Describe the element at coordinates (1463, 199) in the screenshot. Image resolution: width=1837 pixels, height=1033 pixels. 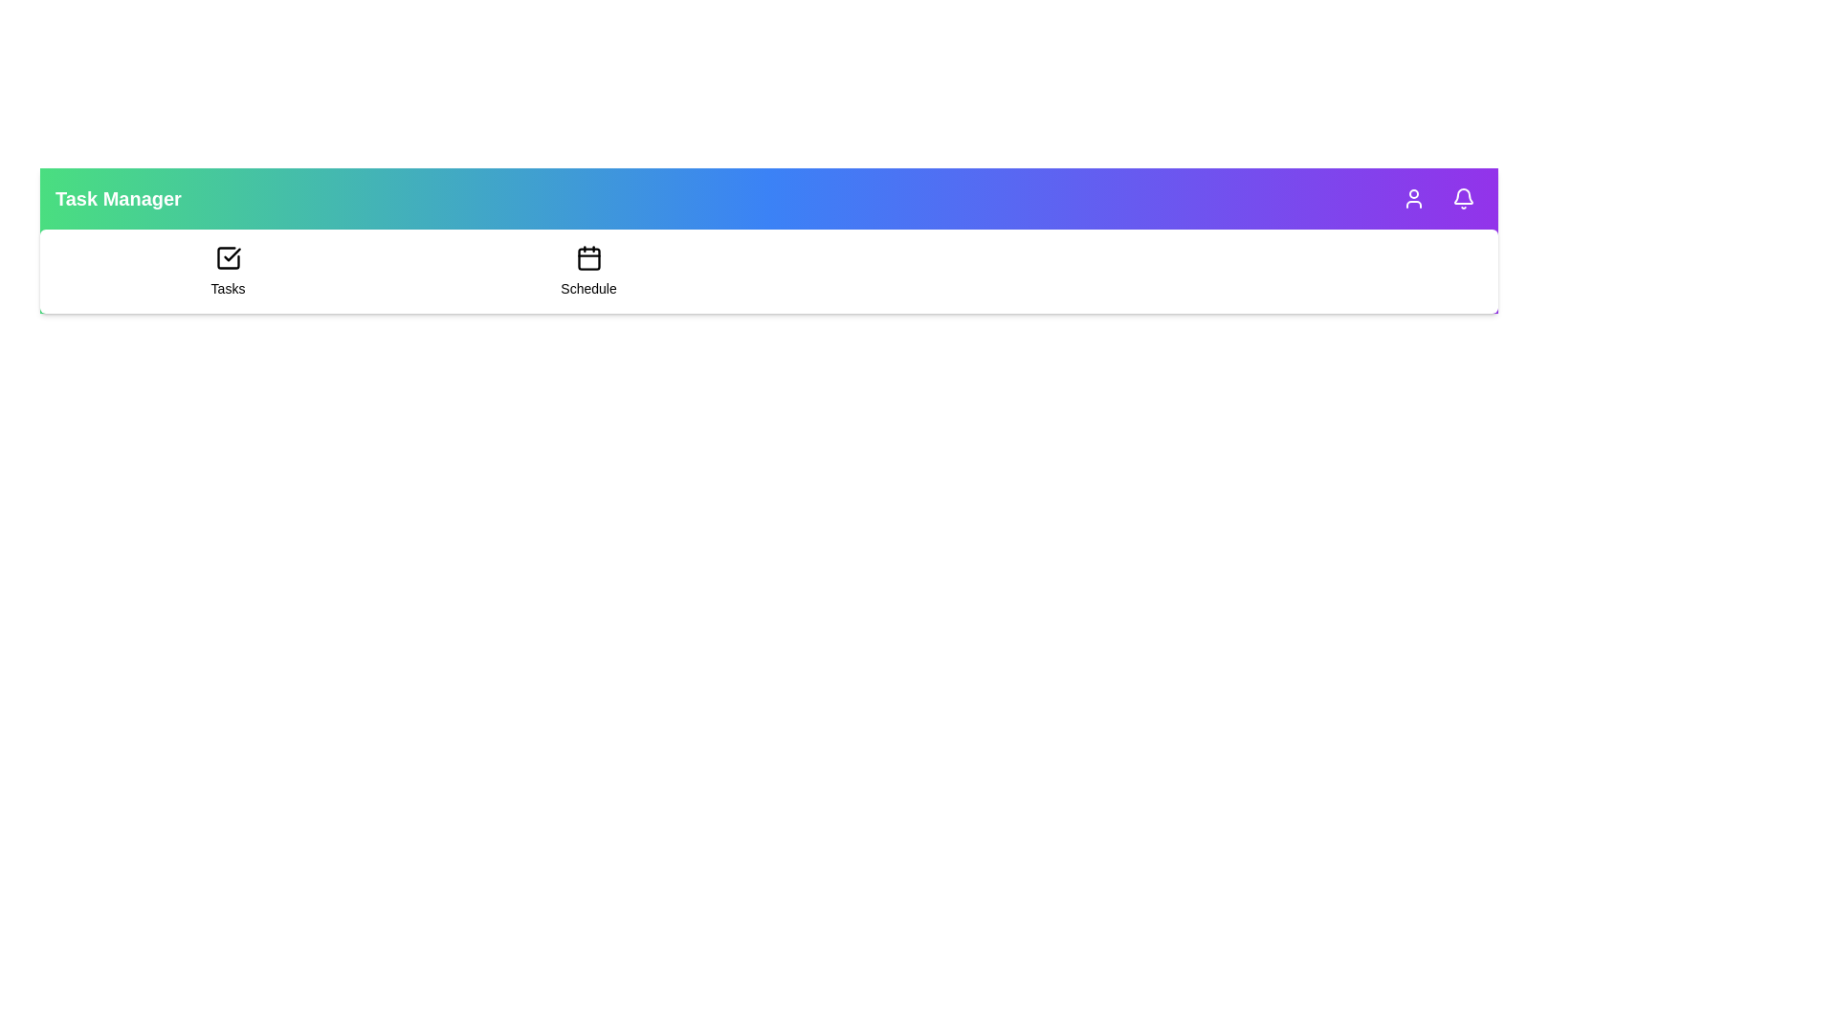
I see `the notifications icon in the TaskAppBar` at that location.